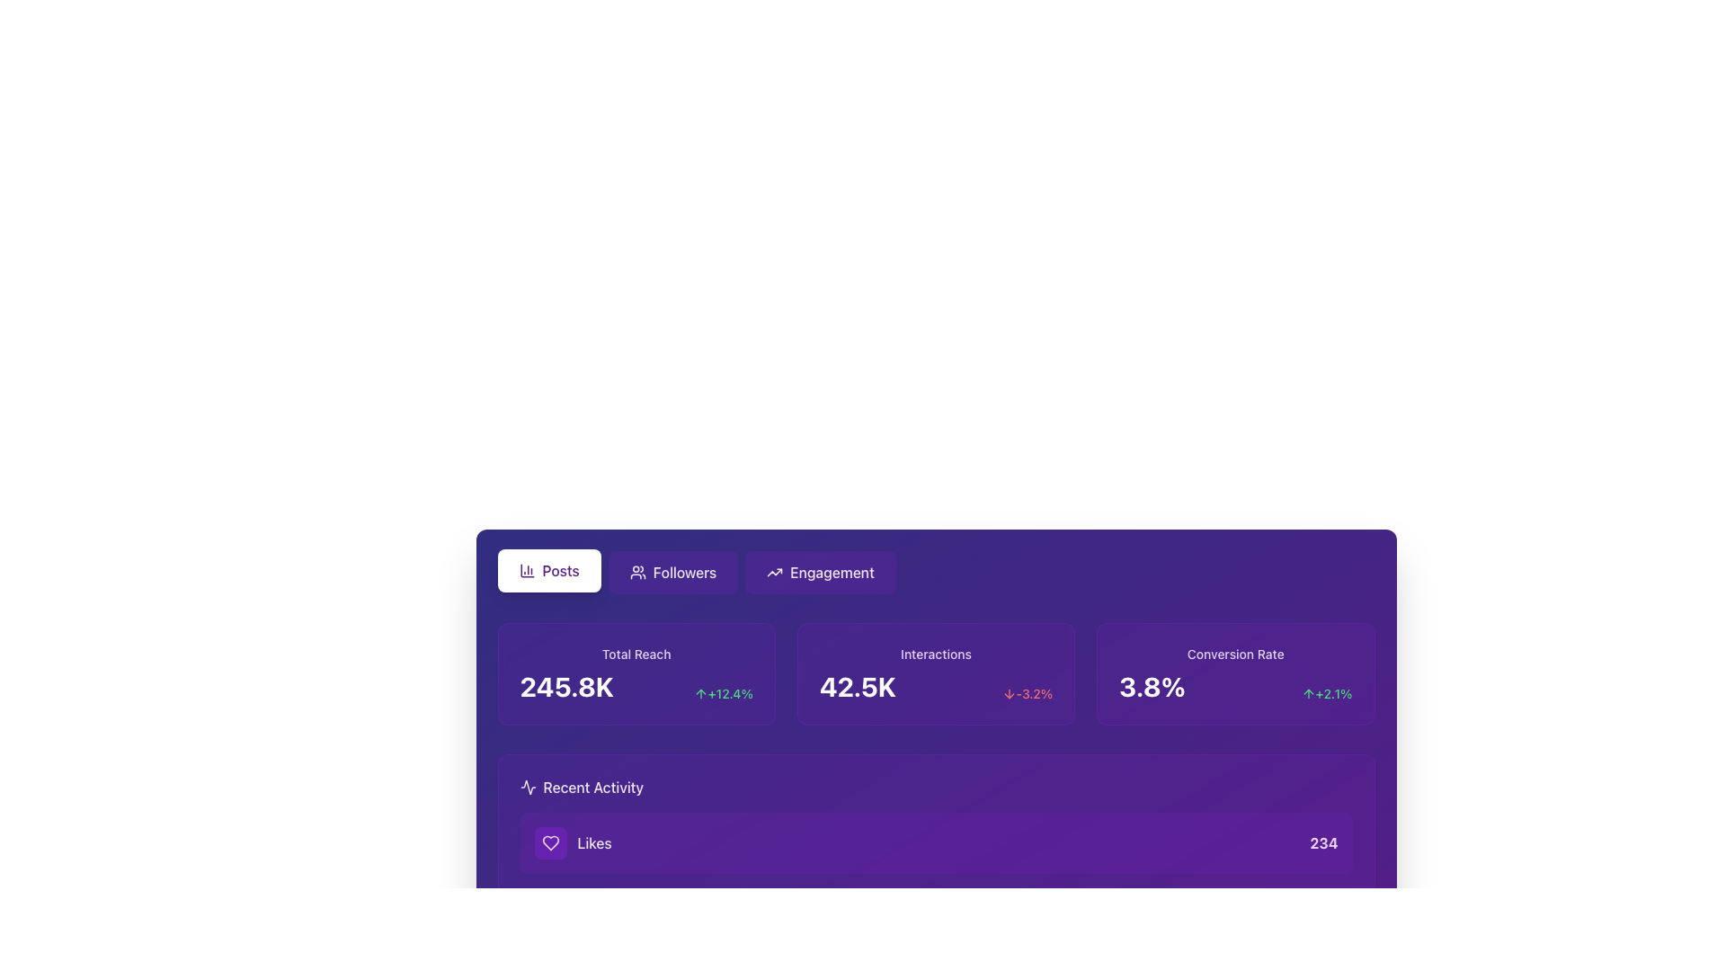  What do you see at coordinates (1308, 692) in the screenshot?
I see `the decorative upward trend icon located to the left of the text '+2.1%' in the bottom-right card under 'Conversion Rate'` at bounding box center [1308, 692].